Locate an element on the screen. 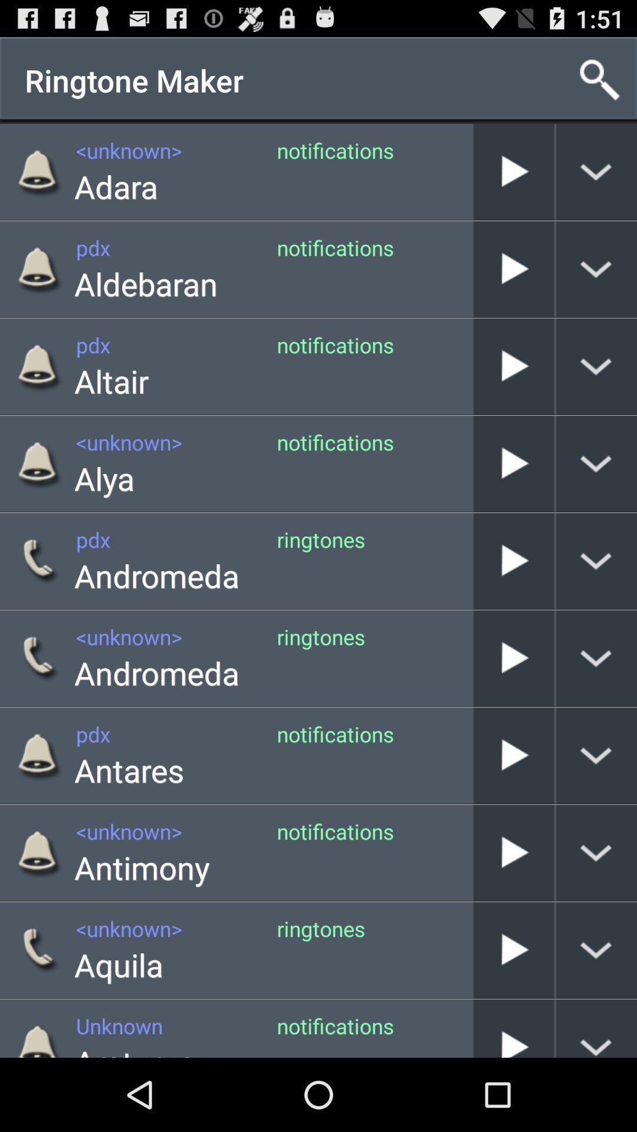 The height and width of the screenshot is (1132, 637). the aldebaran item is located at coordinates (145, 284).